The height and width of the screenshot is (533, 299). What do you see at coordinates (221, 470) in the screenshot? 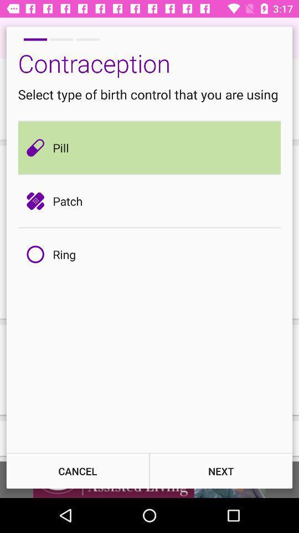
I see `the next button which at the bottom of the page` at bounding box center [221, 470].